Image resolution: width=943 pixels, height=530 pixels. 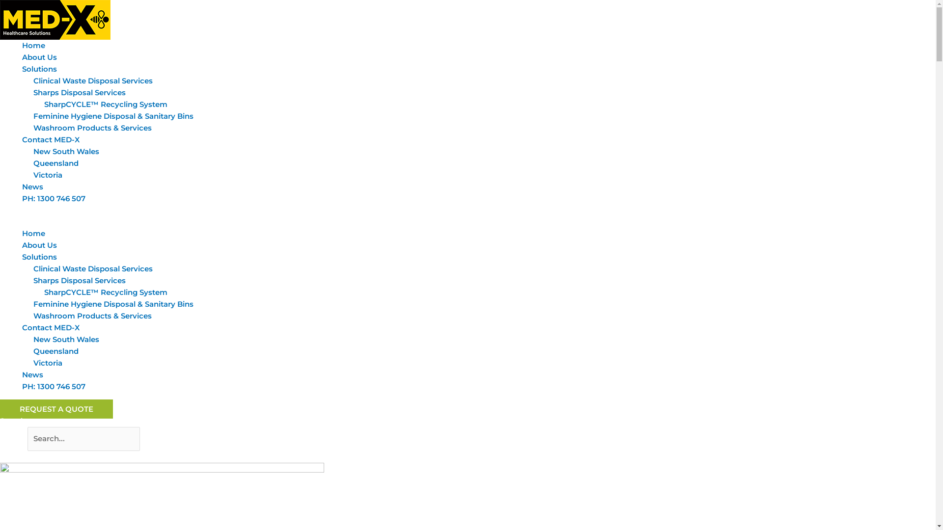 I want to click on 'Home', so click(x=33, y=45).